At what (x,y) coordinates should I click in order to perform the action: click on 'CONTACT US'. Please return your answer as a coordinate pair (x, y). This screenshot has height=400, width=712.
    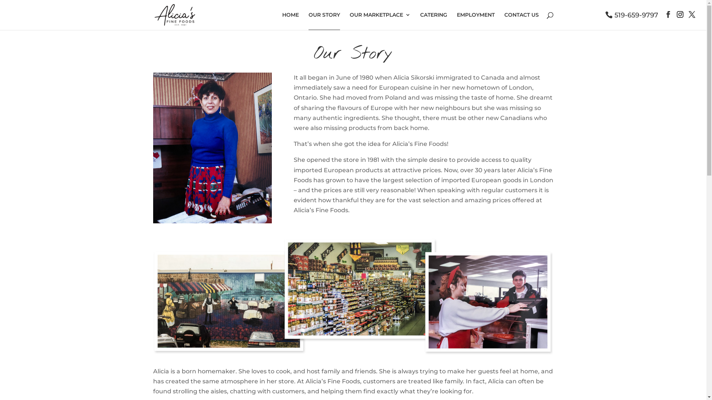
    Looking at the image, I should click on (521, 20).